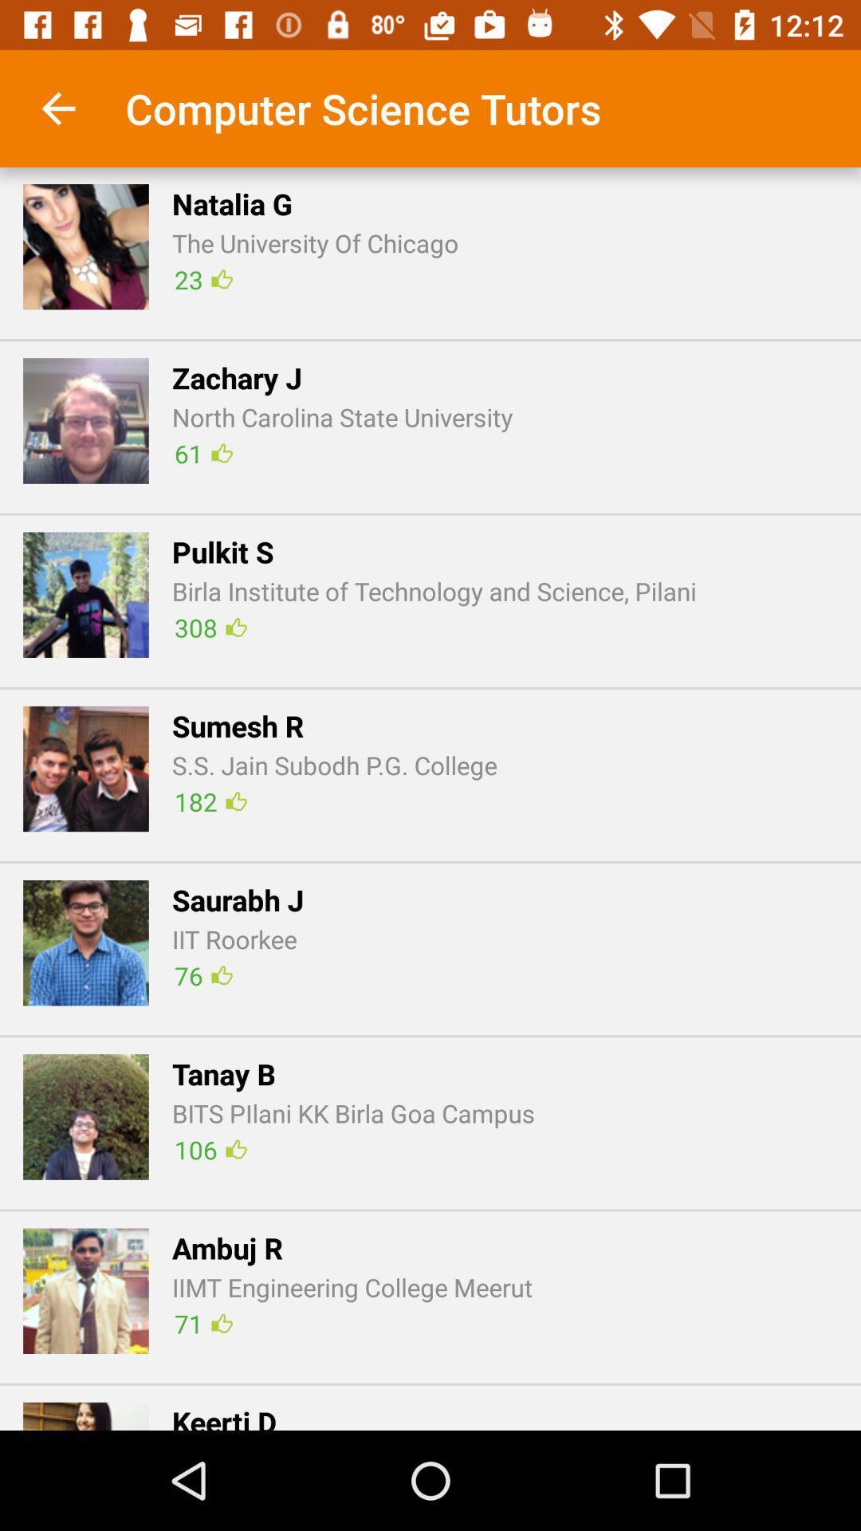  What do you see at coordinates (202, 279) in the screenshot?
I see `23` at bounding box center [202, 279].